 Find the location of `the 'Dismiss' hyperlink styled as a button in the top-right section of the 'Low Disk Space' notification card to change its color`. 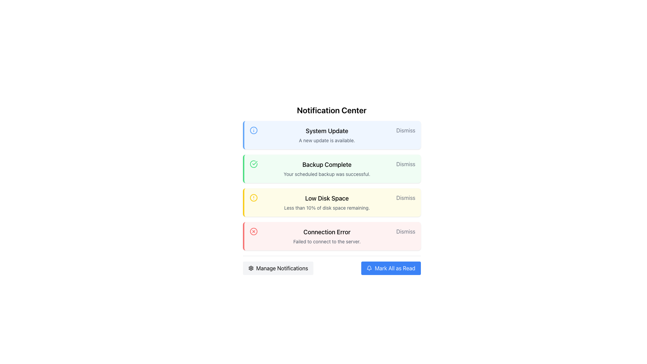

the 'Dismiss' hyperlink styled as a button in the top-right section of the 'Low Disk Space' notification card to change its color is located at coordinates (405, 197).